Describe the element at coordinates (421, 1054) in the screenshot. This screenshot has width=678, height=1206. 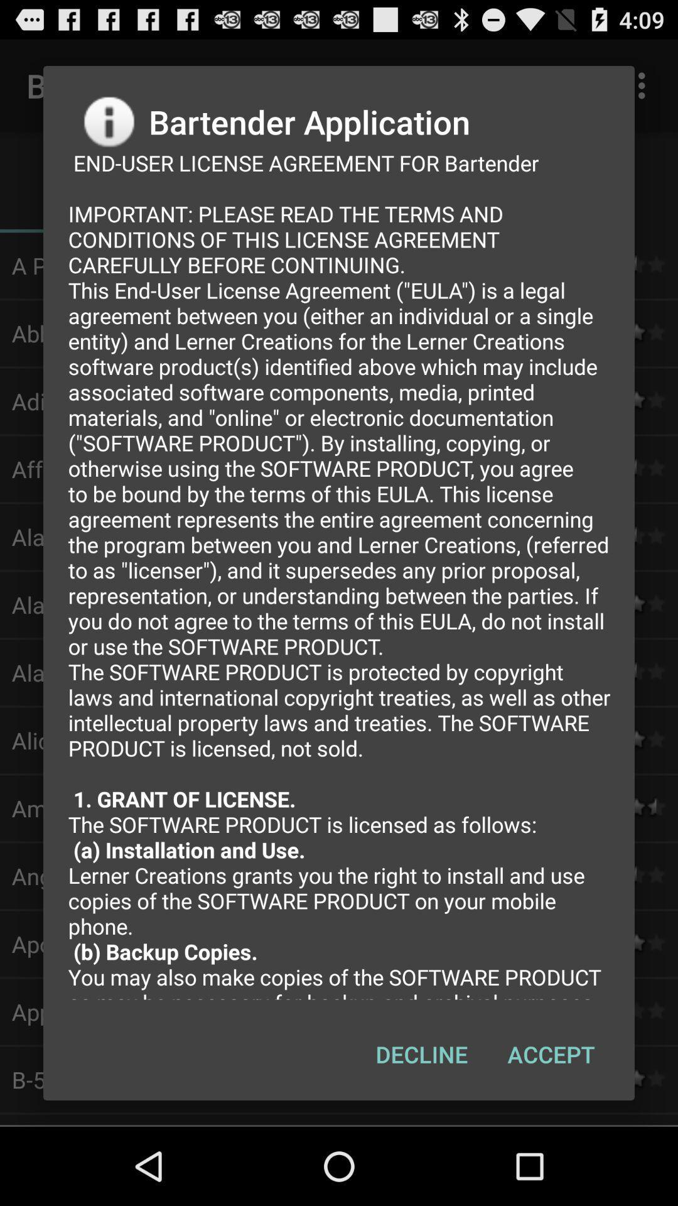
I see `the icon below end user license` at that location.